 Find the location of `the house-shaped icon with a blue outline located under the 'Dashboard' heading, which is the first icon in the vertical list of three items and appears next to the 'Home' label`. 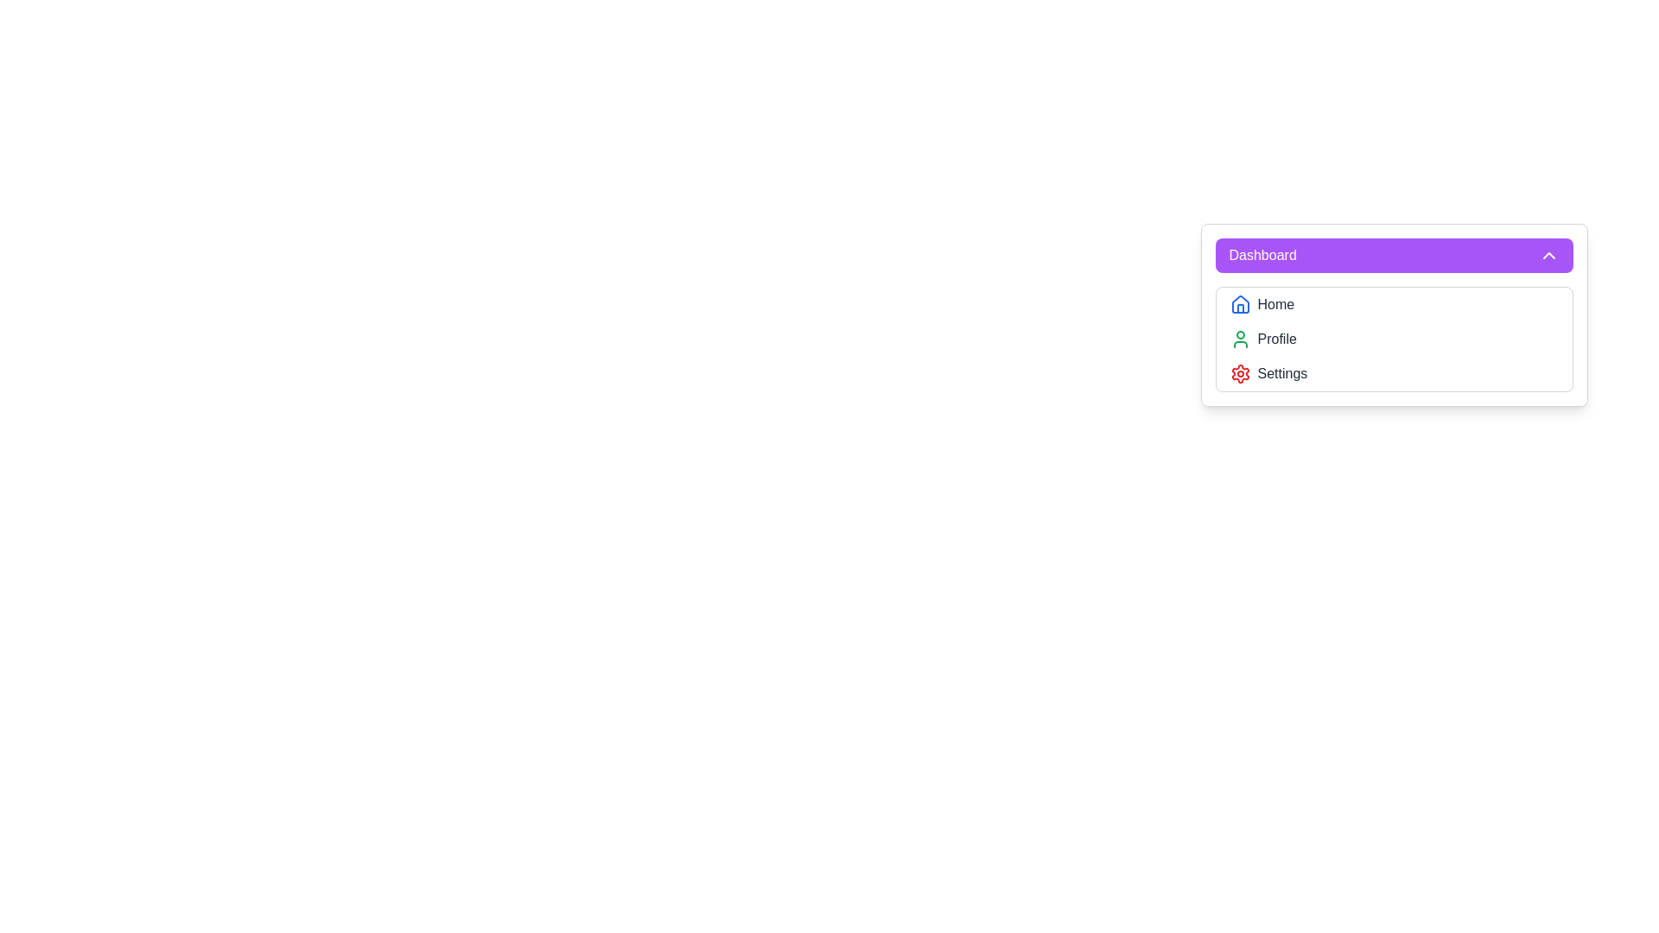

the house-shaped icon with a blue outline located under the 'Dashboard' heading, which is the first icon in the vertical list of three items and appears next to the 'Home' label is located at coordinates (1239, 303).